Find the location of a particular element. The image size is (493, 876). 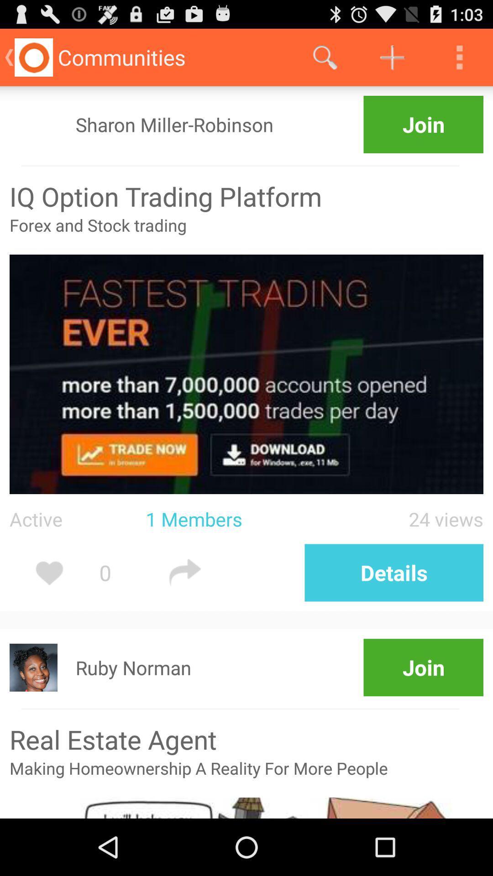

forex and stock icon is located at coordinates (246, 234).